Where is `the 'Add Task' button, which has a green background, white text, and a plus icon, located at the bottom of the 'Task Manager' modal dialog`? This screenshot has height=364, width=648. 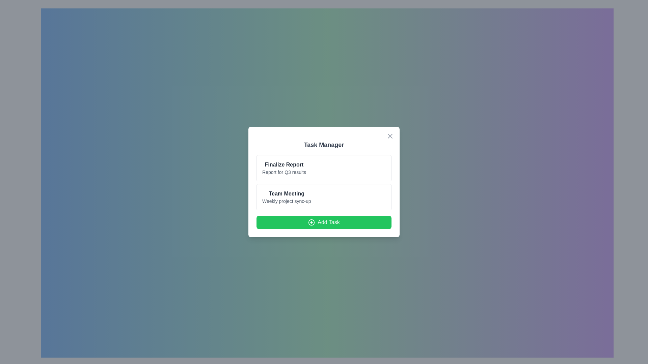
the 'Add Task' button, which has a green background, white text, and a plus icon, located at the bottom of the 'Task Manager' modal dialog is located at coordinates (329, 222).